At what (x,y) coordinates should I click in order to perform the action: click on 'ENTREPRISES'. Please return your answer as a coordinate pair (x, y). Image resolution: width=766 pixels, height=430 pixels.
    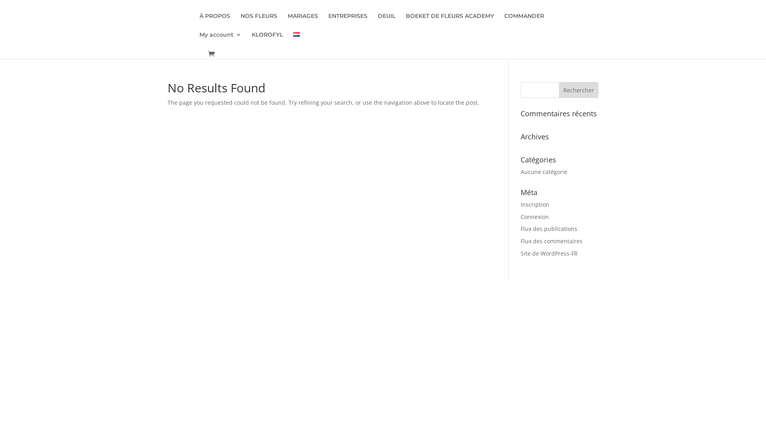
    Looking at the image, I should click on (348, 22).